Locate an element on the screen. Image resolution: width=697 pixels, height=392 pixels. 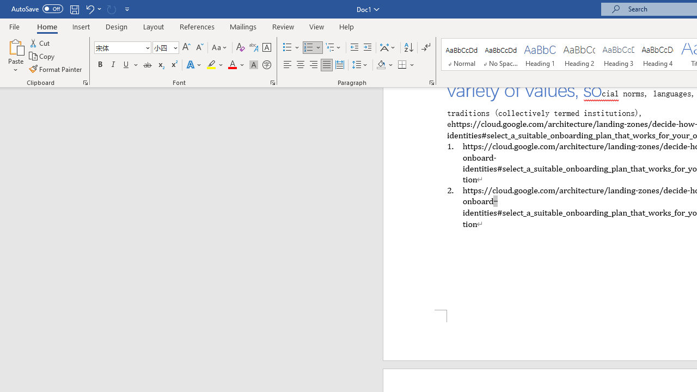
'Undo Apply Quick Style' is located at coordinates (89, 9).